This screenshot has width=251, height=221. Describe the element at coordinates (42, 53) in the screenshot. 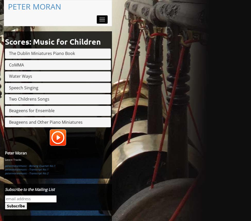

I see `'The Dublin Miniatures Piano Book'` at that location.